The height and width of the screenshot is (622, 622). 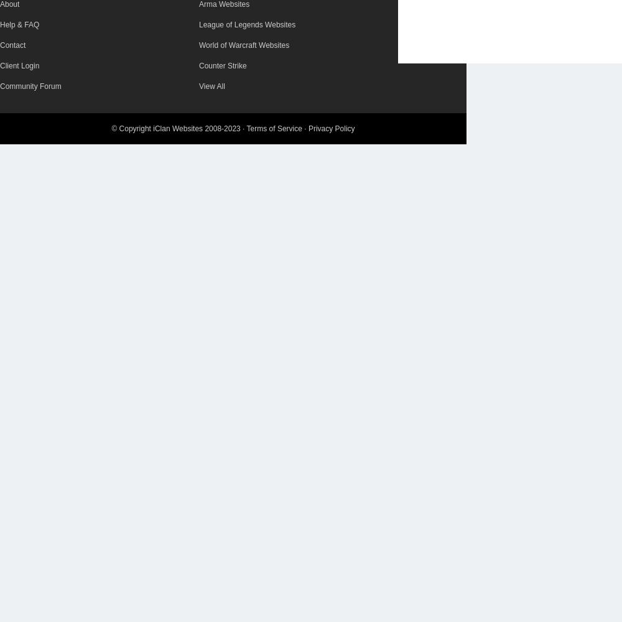 I want to click on 'Client Login', so click(x=19, y=65).